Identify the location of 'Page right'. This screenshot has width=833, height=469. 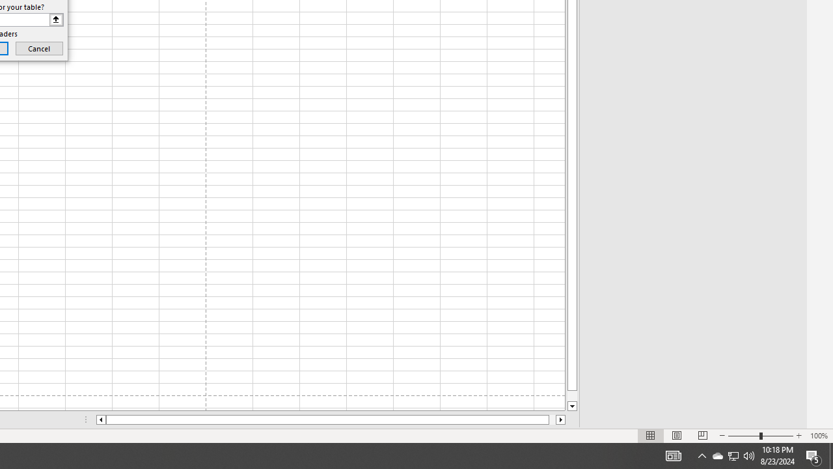
(552, 419).